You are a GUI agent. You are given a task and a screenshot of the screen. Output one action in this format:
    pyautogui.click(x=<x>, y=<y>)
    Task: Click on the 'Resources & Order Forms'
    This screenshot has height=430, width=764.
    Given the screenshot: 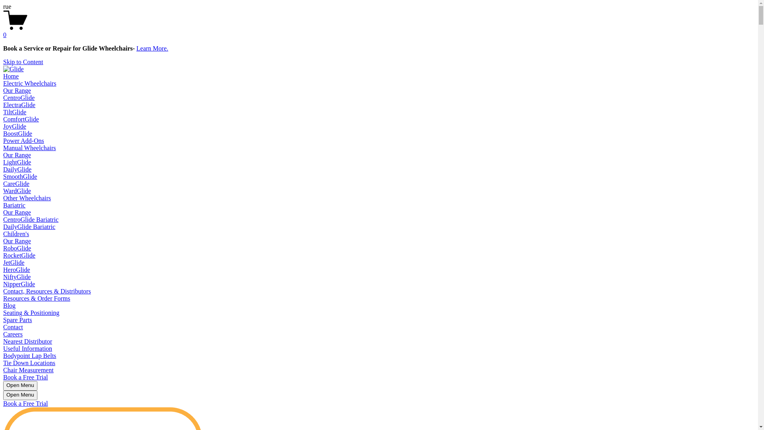 What is the action you would take?
    pyautogui.click(x=36, y=298)
    